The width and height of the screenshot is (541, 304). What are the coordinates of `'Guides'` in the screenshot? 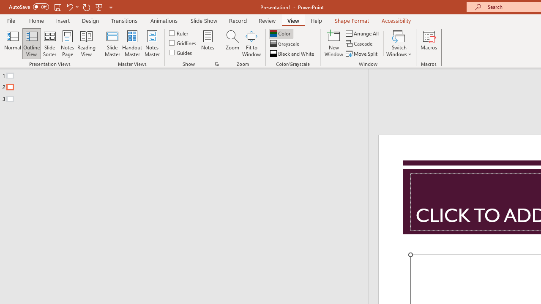 It's located at (180, 52).